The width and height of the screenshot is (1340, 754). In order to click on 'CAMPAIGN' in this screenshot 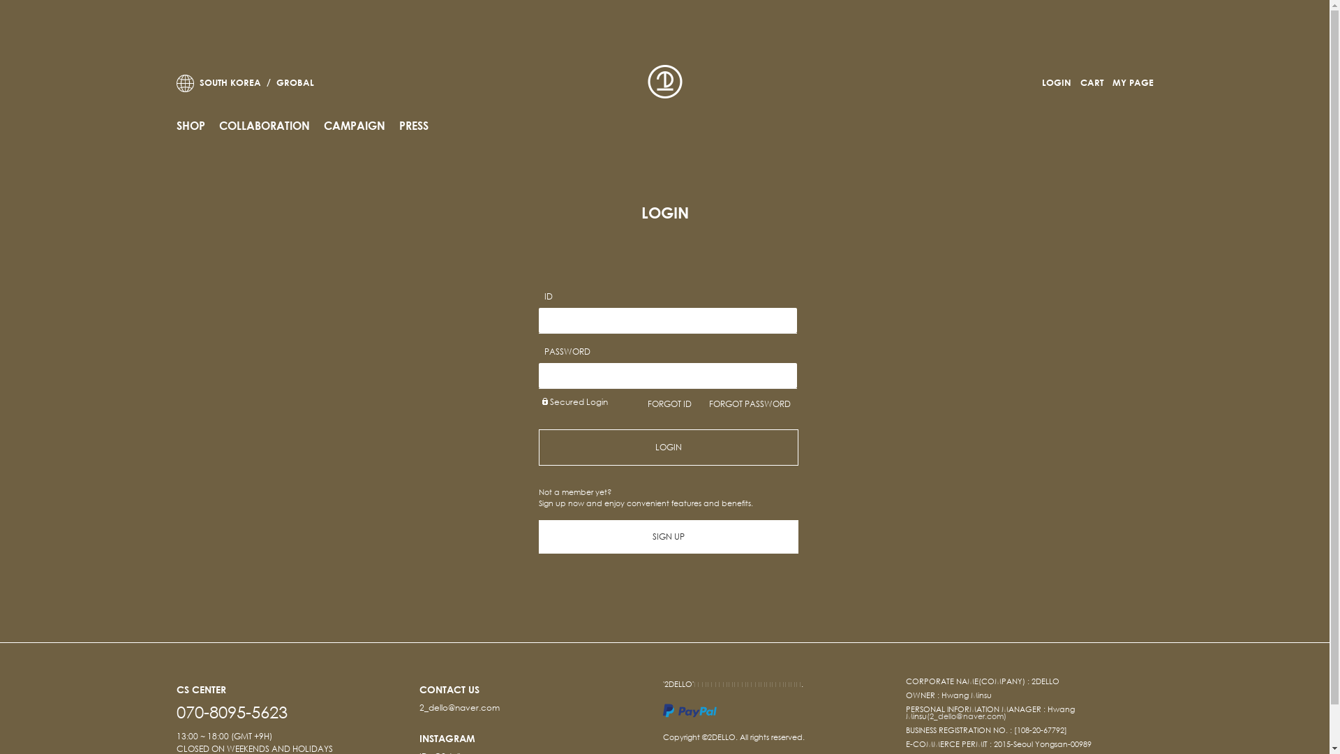, I will do `click(355, 126)`.